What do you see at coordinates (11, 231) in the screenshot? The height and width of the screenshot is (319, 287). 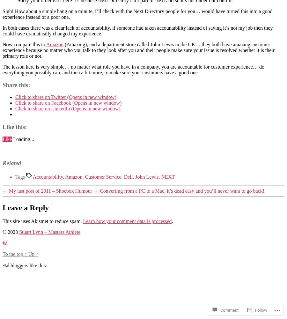 I see `'©
							2023'` at bounding box center [11, 231].